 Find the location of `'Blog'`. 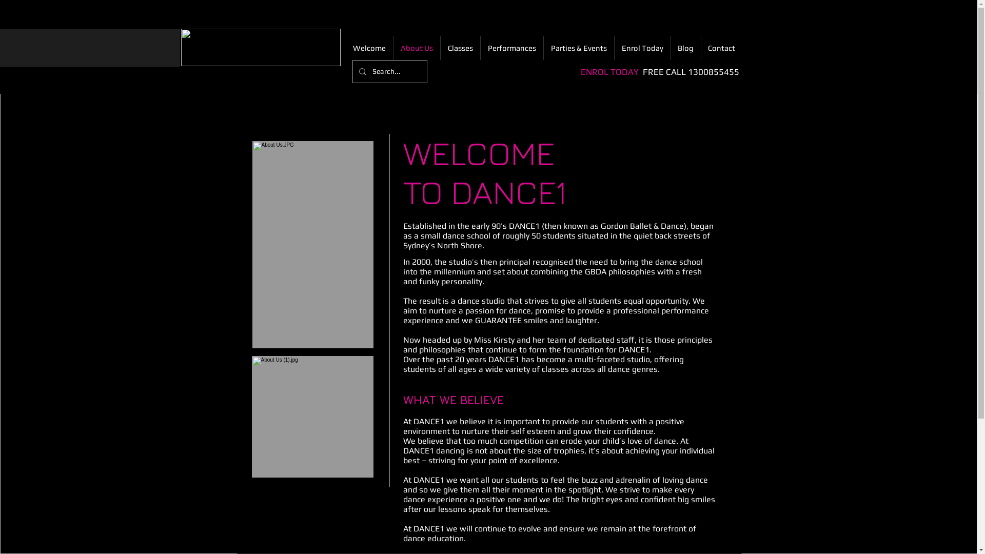

'Blog' is located at coordinates (686, 48).